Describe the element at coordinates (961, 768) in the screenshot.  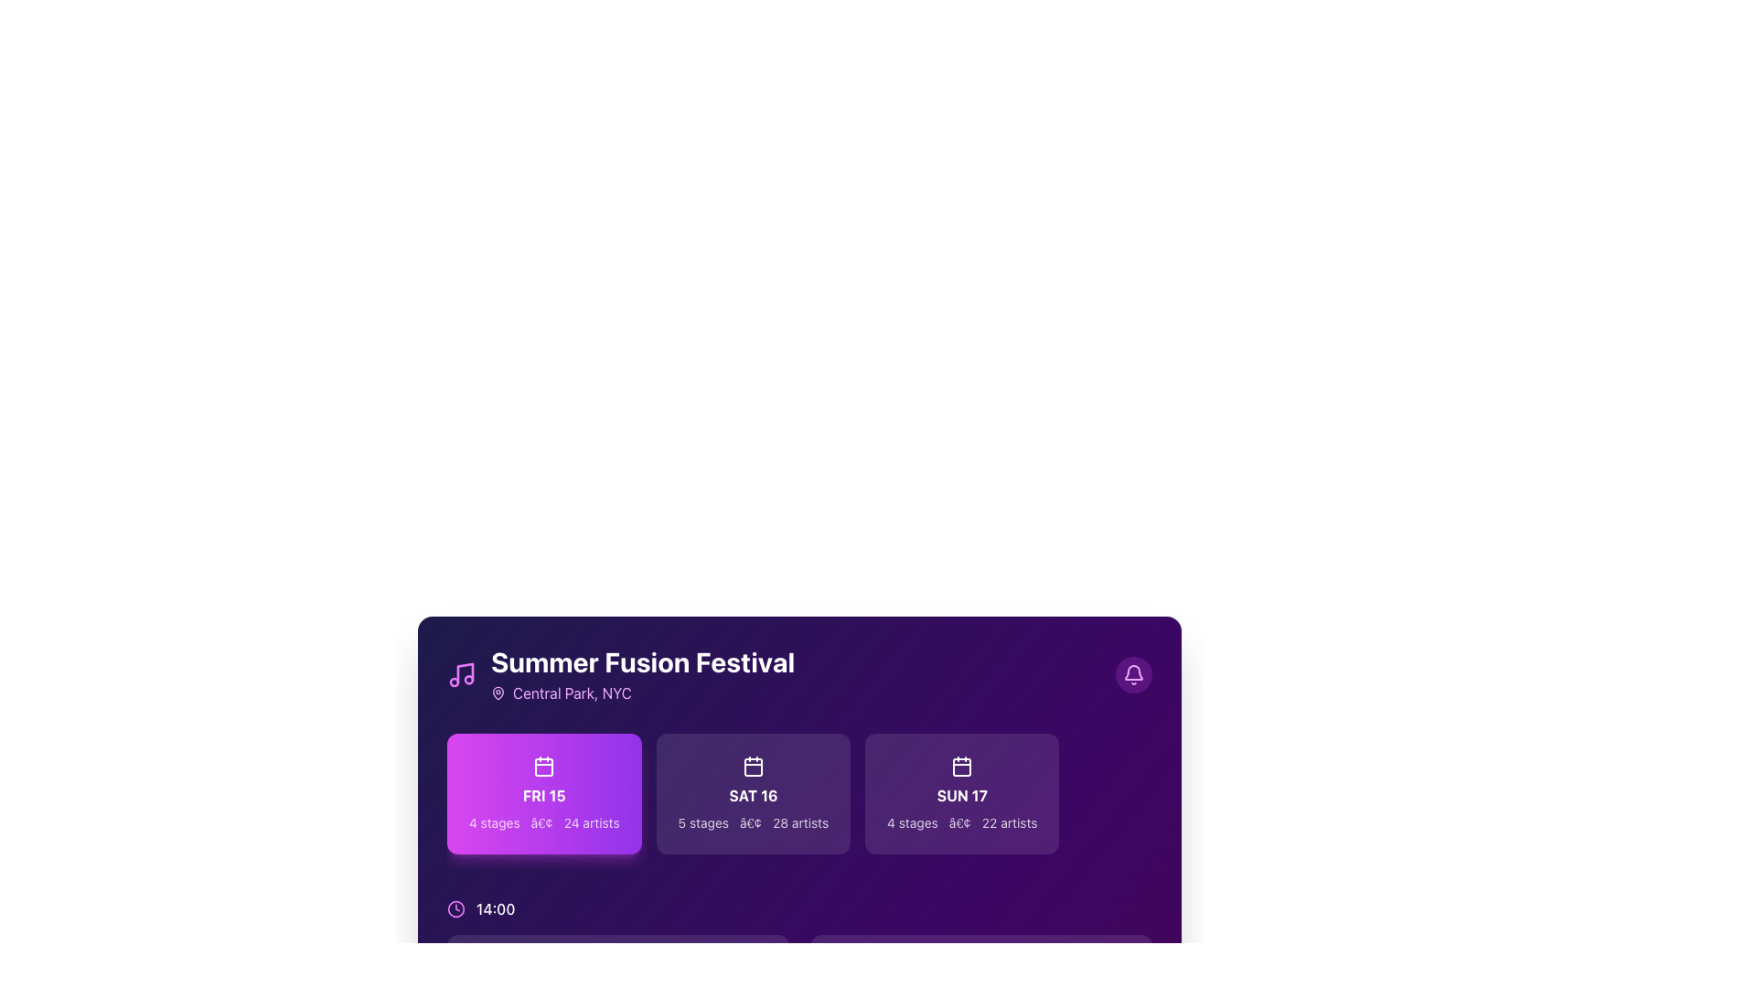
I see `the calendar icon located within the 'SUN 17' box, which features a square with rounded corners and a small calendar graphic, set against a purple background` at that location.